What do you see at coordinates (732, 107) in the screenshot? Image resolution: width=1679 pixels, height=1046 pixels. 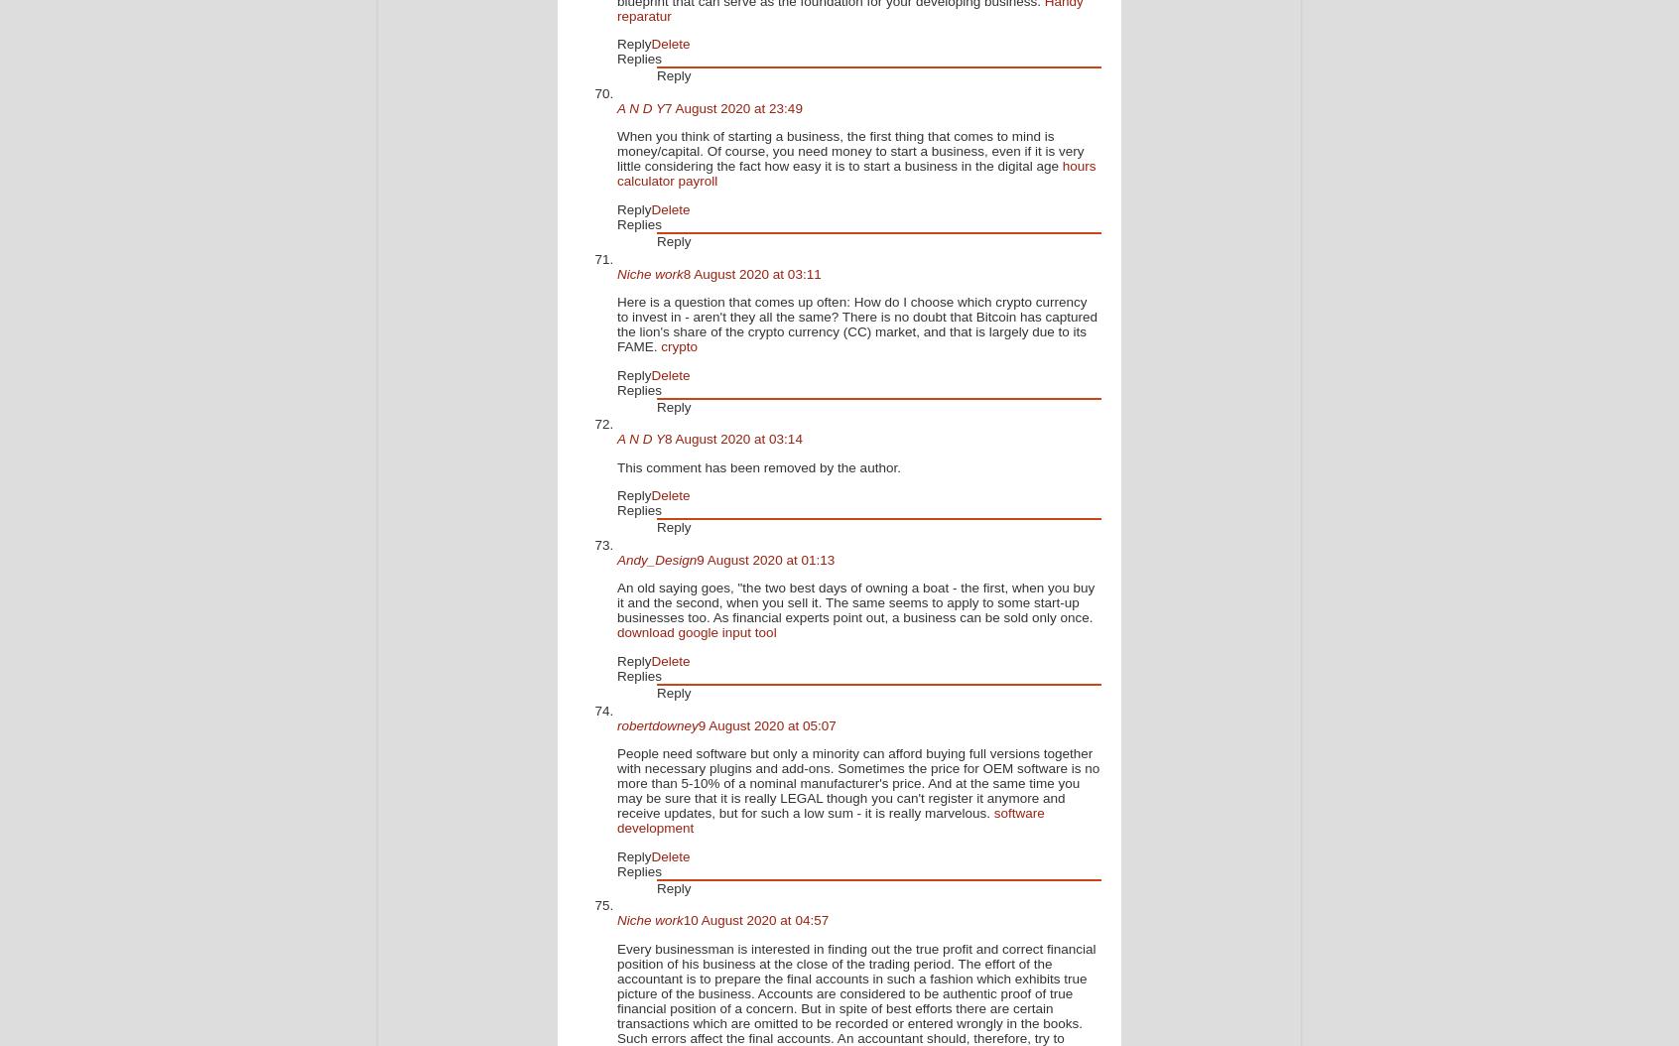 I see `'7 August 2020 at 23:49'` at bounding box center [732, 107].